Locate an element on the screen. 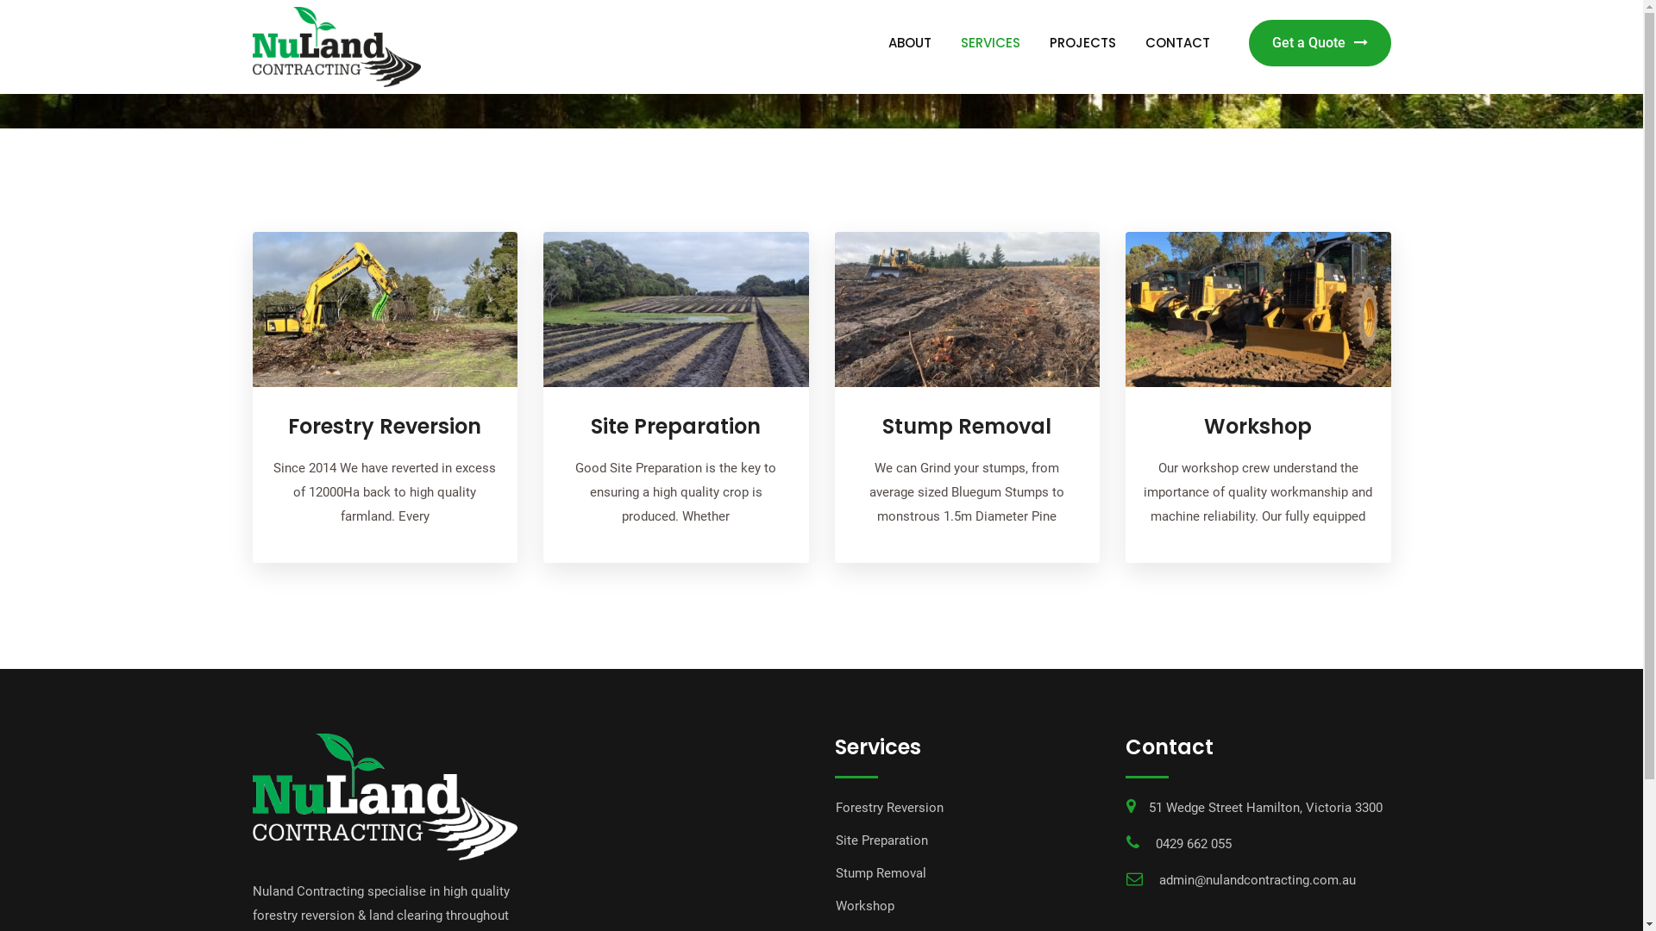 The image size is (1656, 931). 'CONTACT' is located at coordinates (1176, 42).